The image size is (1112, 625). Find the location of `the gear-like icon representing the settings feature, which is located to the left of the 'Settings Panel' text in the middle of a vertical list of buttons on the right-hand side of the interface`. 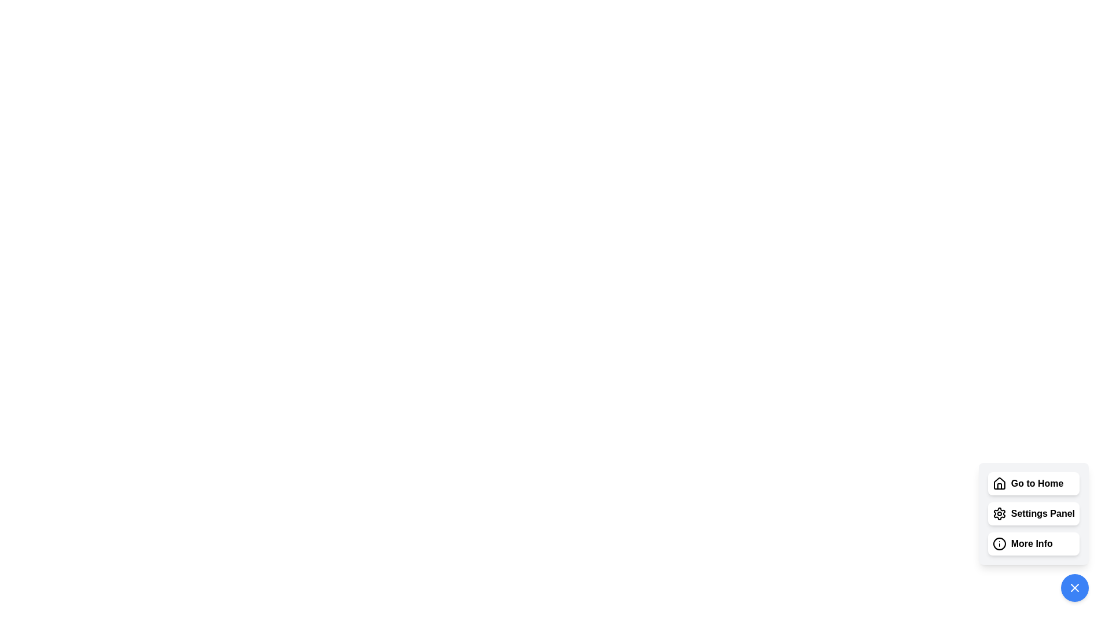

the gear-like icon representing the settings feature, which is located to the left of the 'Settings Panel' text in the middle of a vertical list of buttons on the right-hand side of the interface is located at coordinates (998, 513).